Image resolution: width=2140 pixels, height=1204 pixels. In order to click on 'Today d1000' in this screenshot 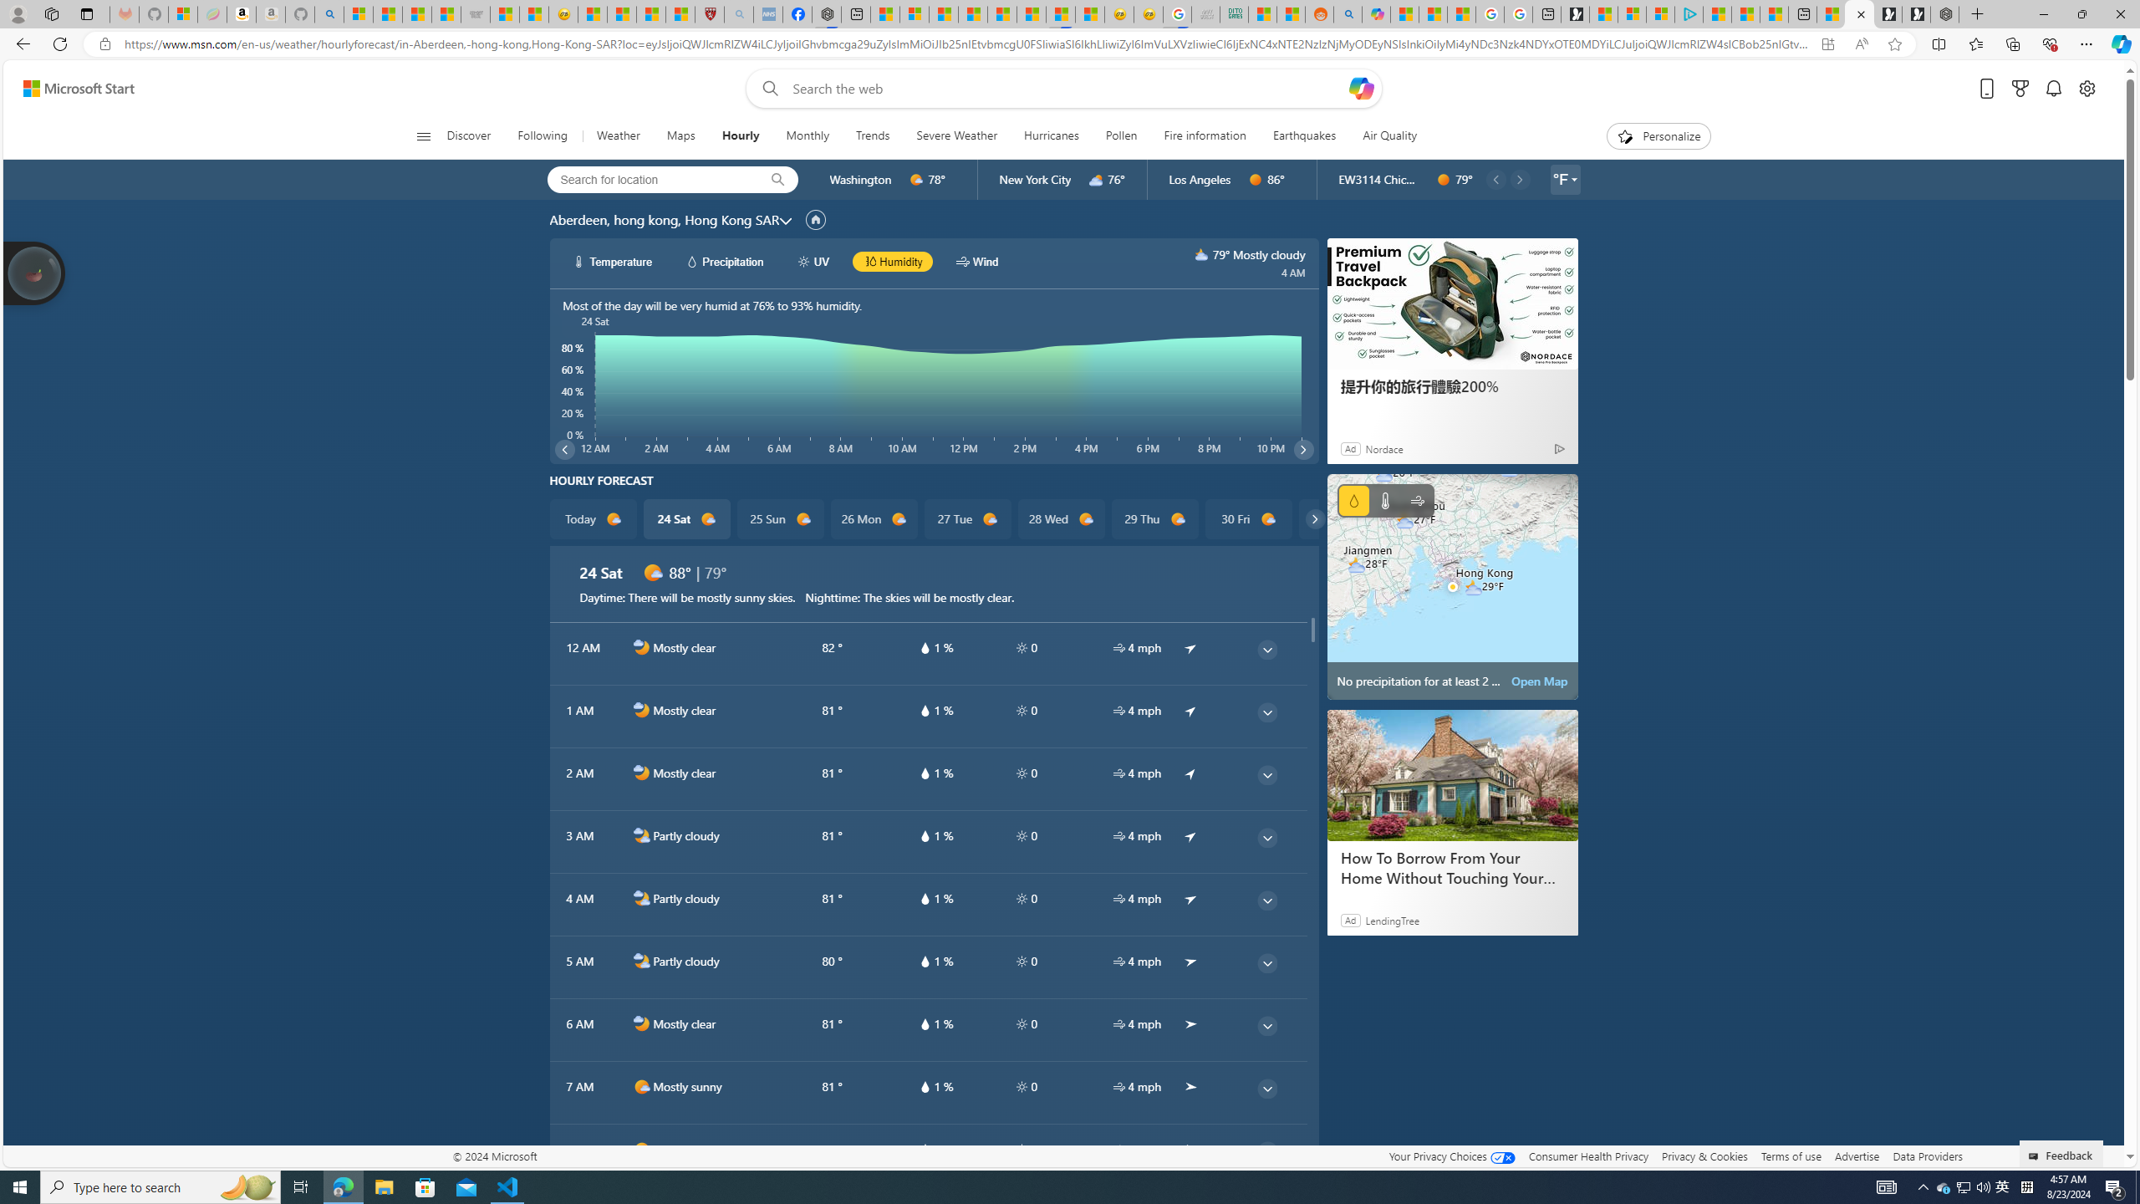, I will do `click(593, 518)`.